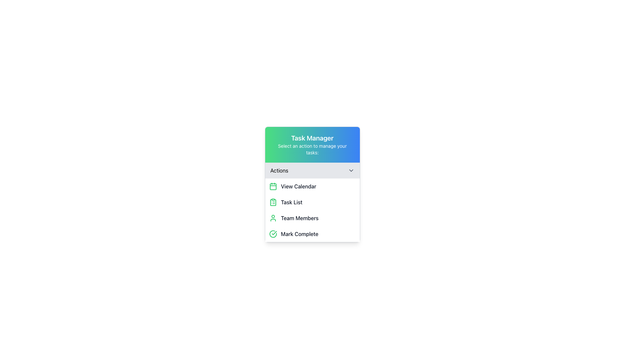 The image size is (635, 357). Describe the element at coordinates (273, 202) in the screenshot. I see `clipboard list icon with a green stroke located to the left of the 'Task List' text in the menu of options` at that location.